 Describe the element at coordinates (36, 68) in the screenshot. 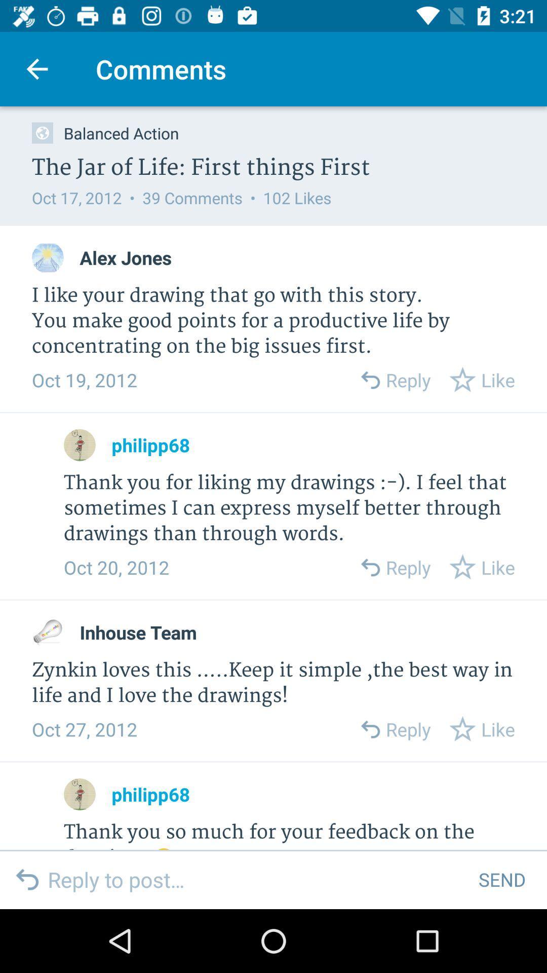

I see `the icon to the left of comments item` at that location.